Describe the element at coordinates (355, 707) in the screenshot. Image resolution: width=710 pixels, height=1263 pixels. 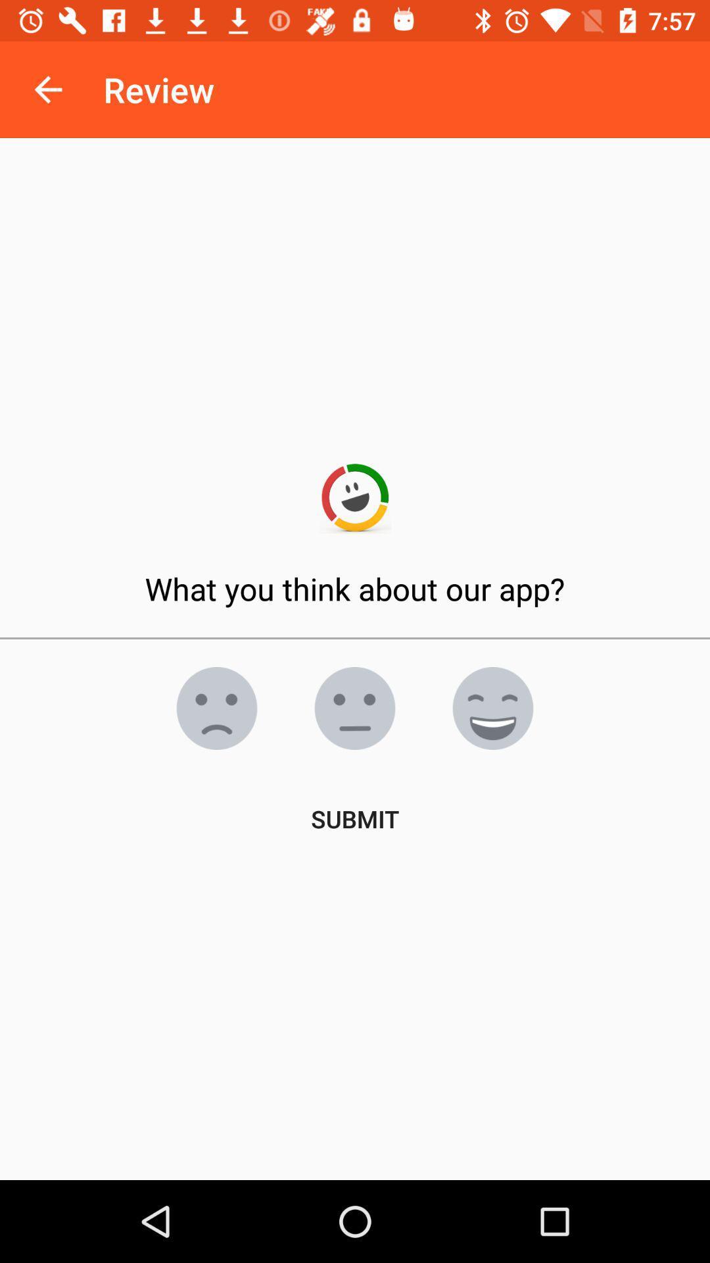
I see `the emoji icon` at that location.